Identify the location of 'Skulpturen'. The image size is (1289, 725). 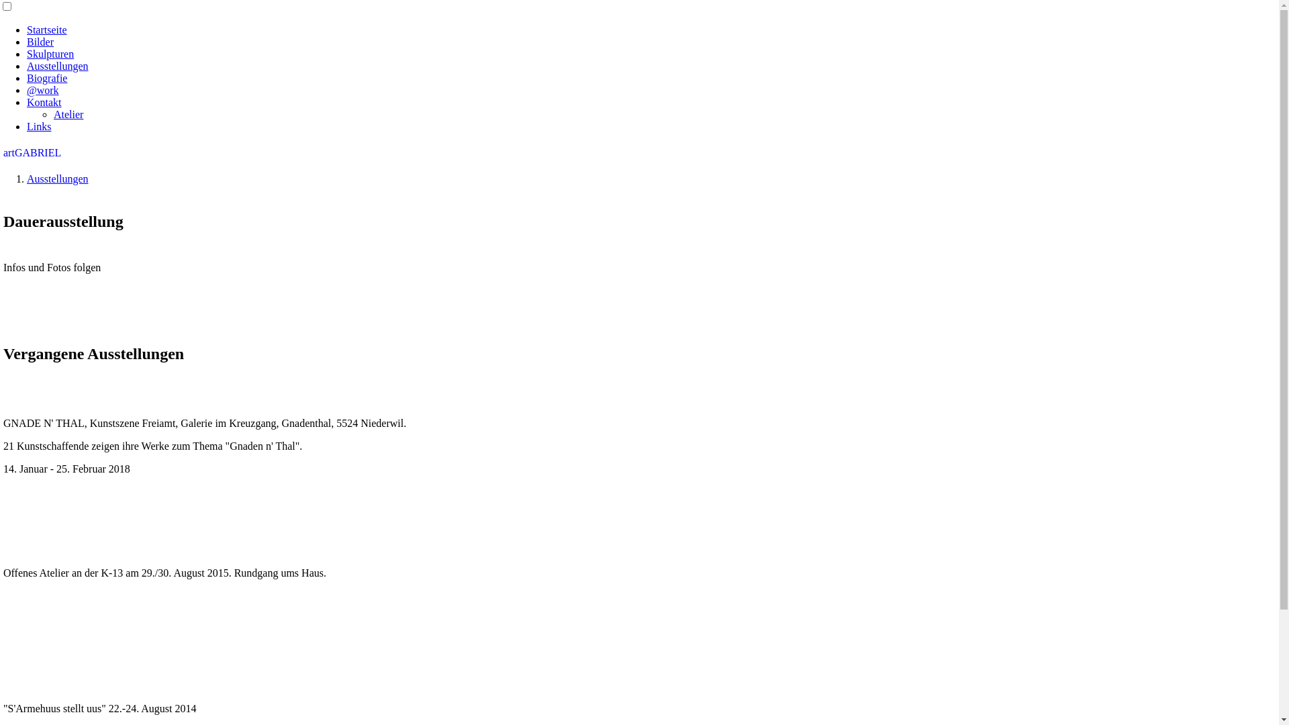
(50, 53).